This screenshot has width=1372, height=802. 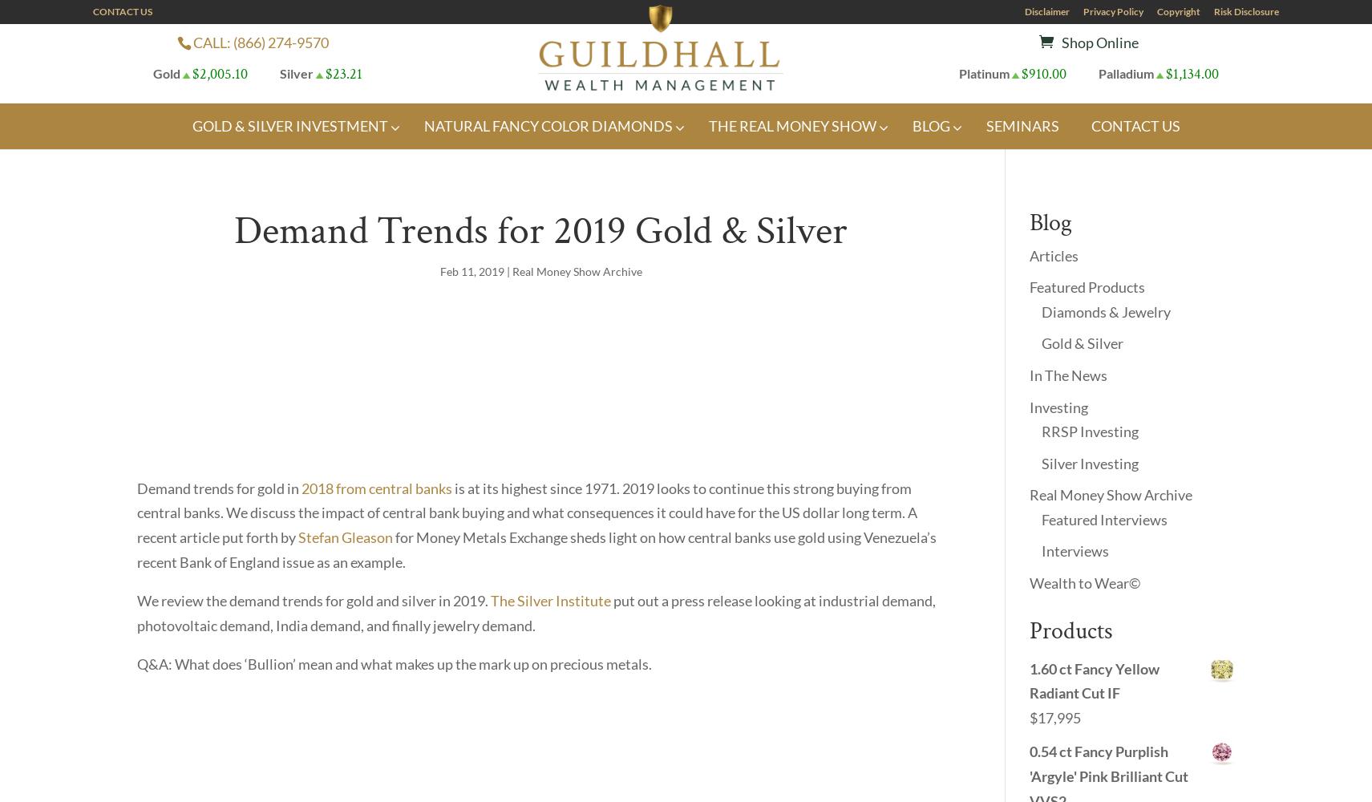 What do you see at coordinates (395, 663) in the screenshot?
I see `'Q&A: What does ‘Bullion’ mean and what makes up the mark up on precious metals.'` at bounding box center [395, 663].